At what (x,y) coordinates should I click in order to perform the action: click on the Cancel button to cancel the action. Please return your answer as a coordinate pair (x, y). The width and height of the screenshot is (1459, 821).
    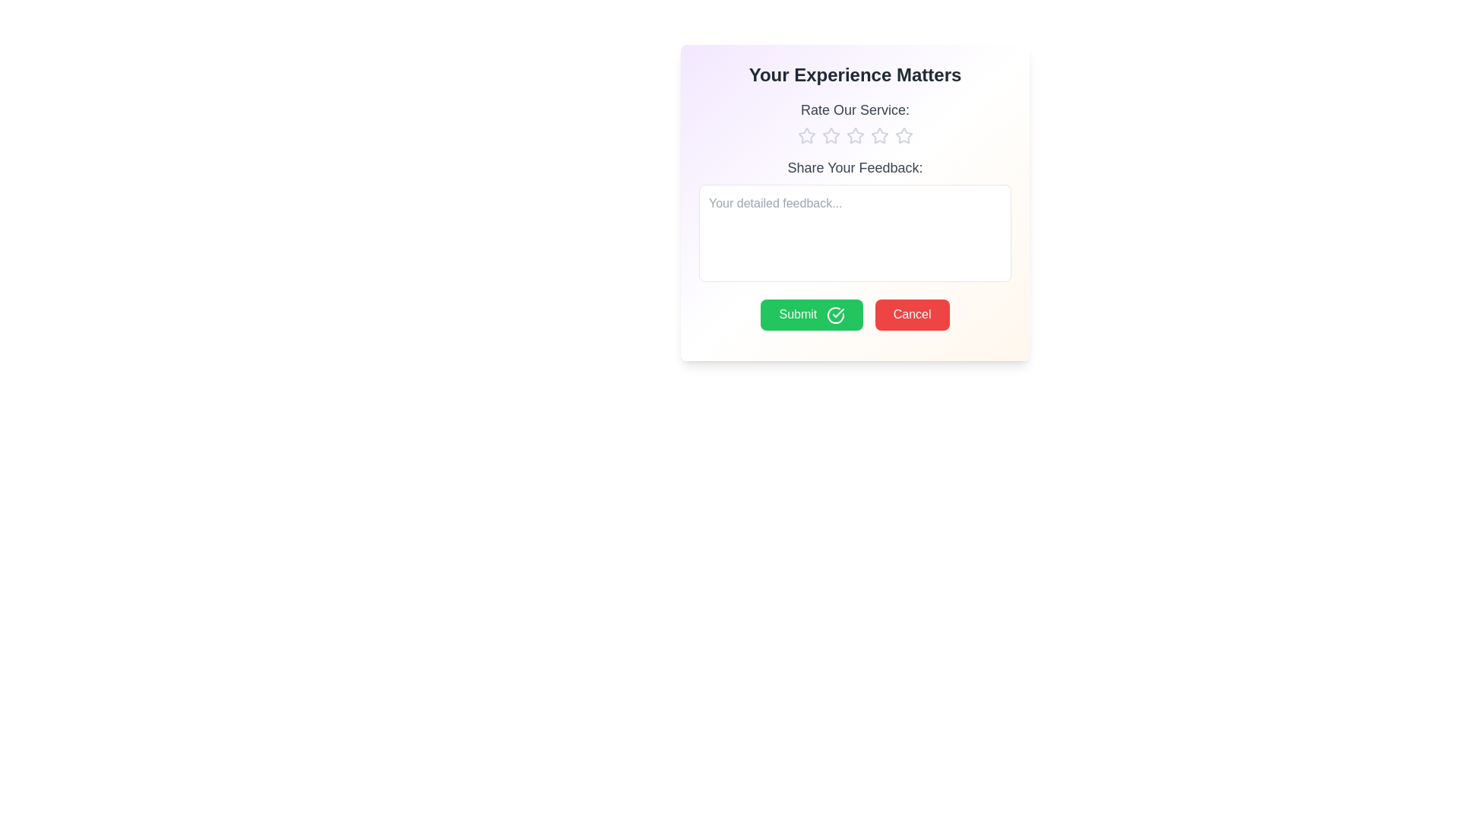
    Looking at the image, I should click on (912, 314).